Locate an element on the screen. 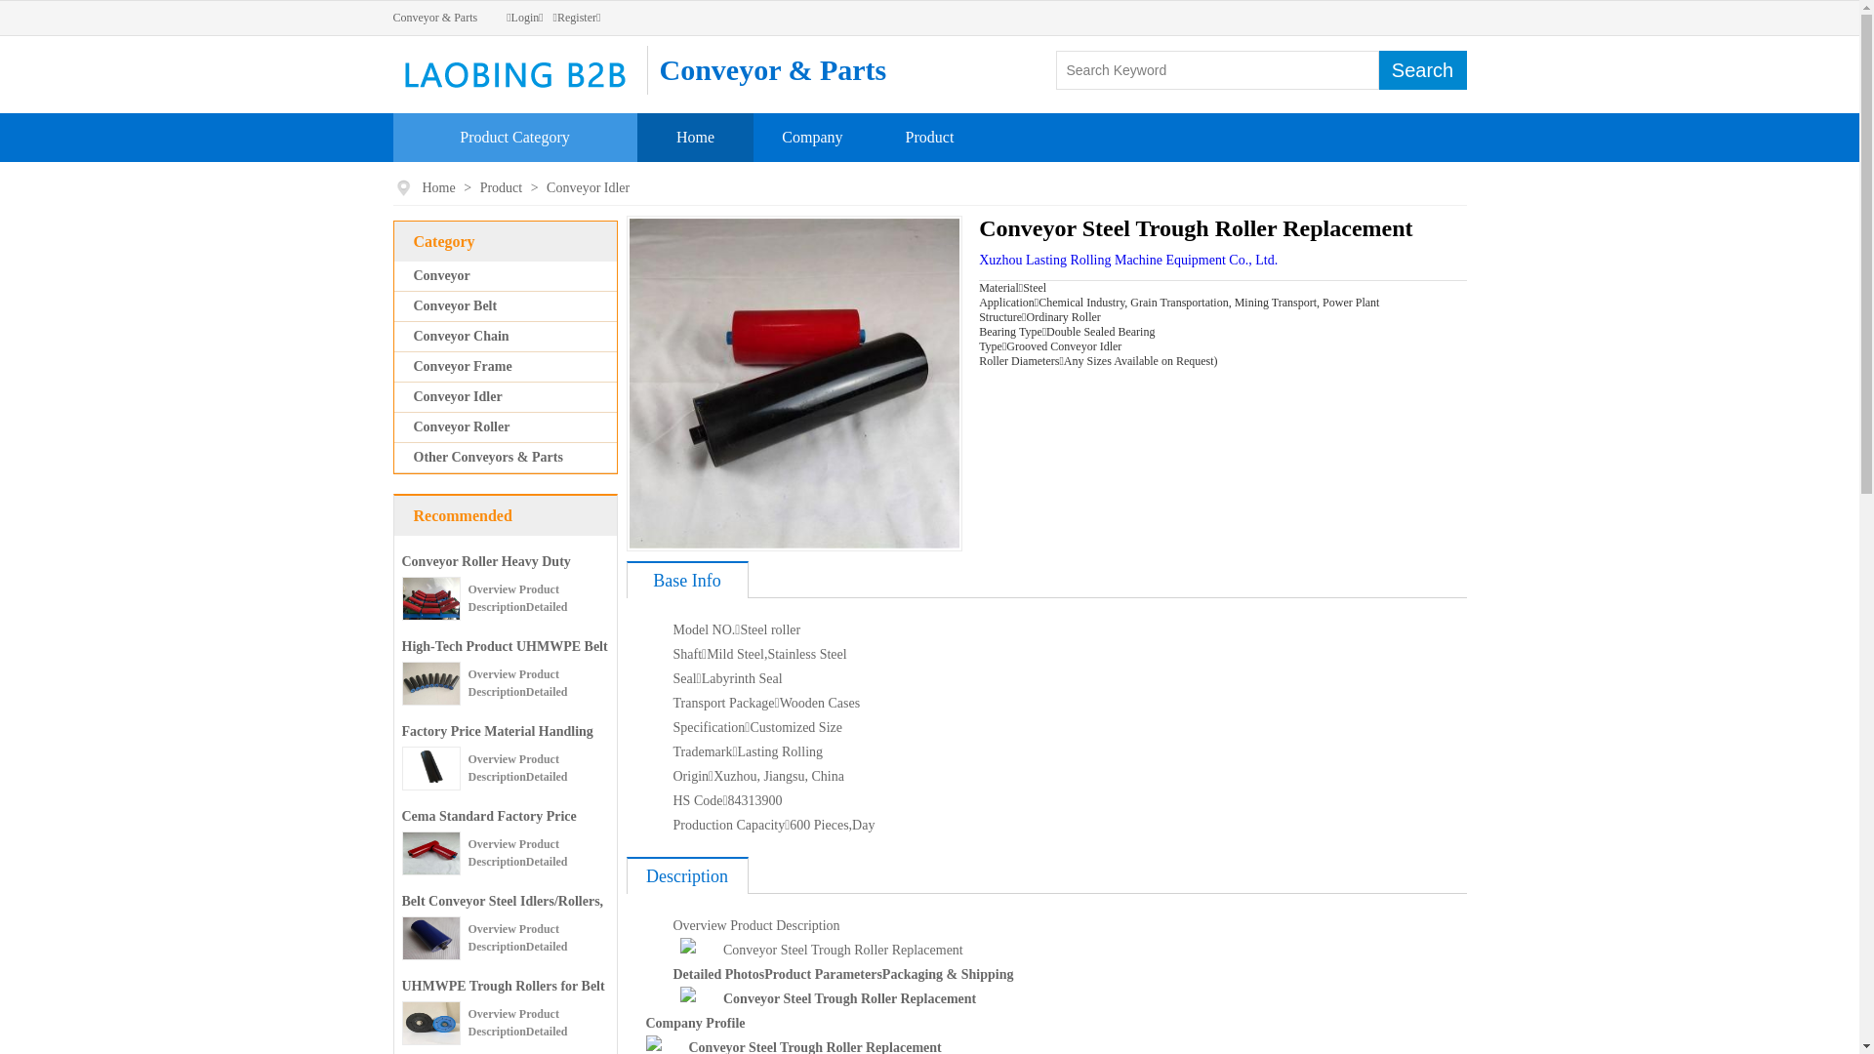 This screenshot has height=1054, width=1874. 'Home' is located at coordinates (438, 187).